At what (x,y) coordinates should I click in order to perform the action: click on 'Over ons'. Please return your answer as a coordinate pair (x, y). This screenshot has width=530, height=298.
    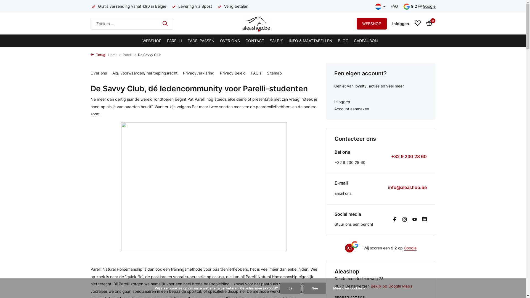
    Looking at the image, I should click on (99, 73).